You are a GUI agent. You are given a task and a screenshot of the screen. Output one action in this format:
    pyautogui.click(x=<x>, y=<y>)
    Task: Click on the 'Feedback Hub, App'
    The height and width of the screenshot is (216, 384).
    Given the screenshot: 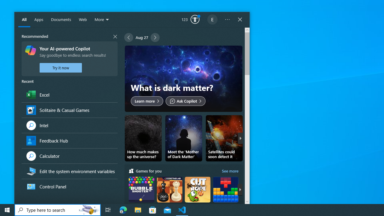 What is the action you would take?
    pyautogui.click(x=69, y=140)
    